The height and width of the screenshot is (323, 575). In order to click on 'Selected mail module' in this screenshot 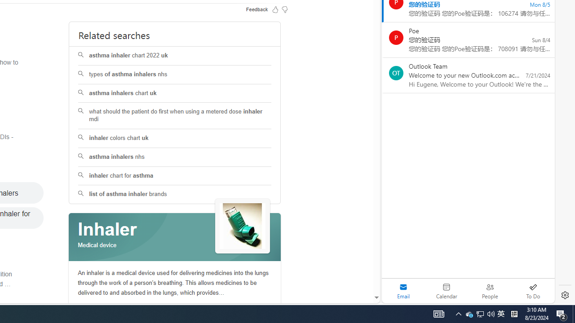, I will do `click(403, 291)`.